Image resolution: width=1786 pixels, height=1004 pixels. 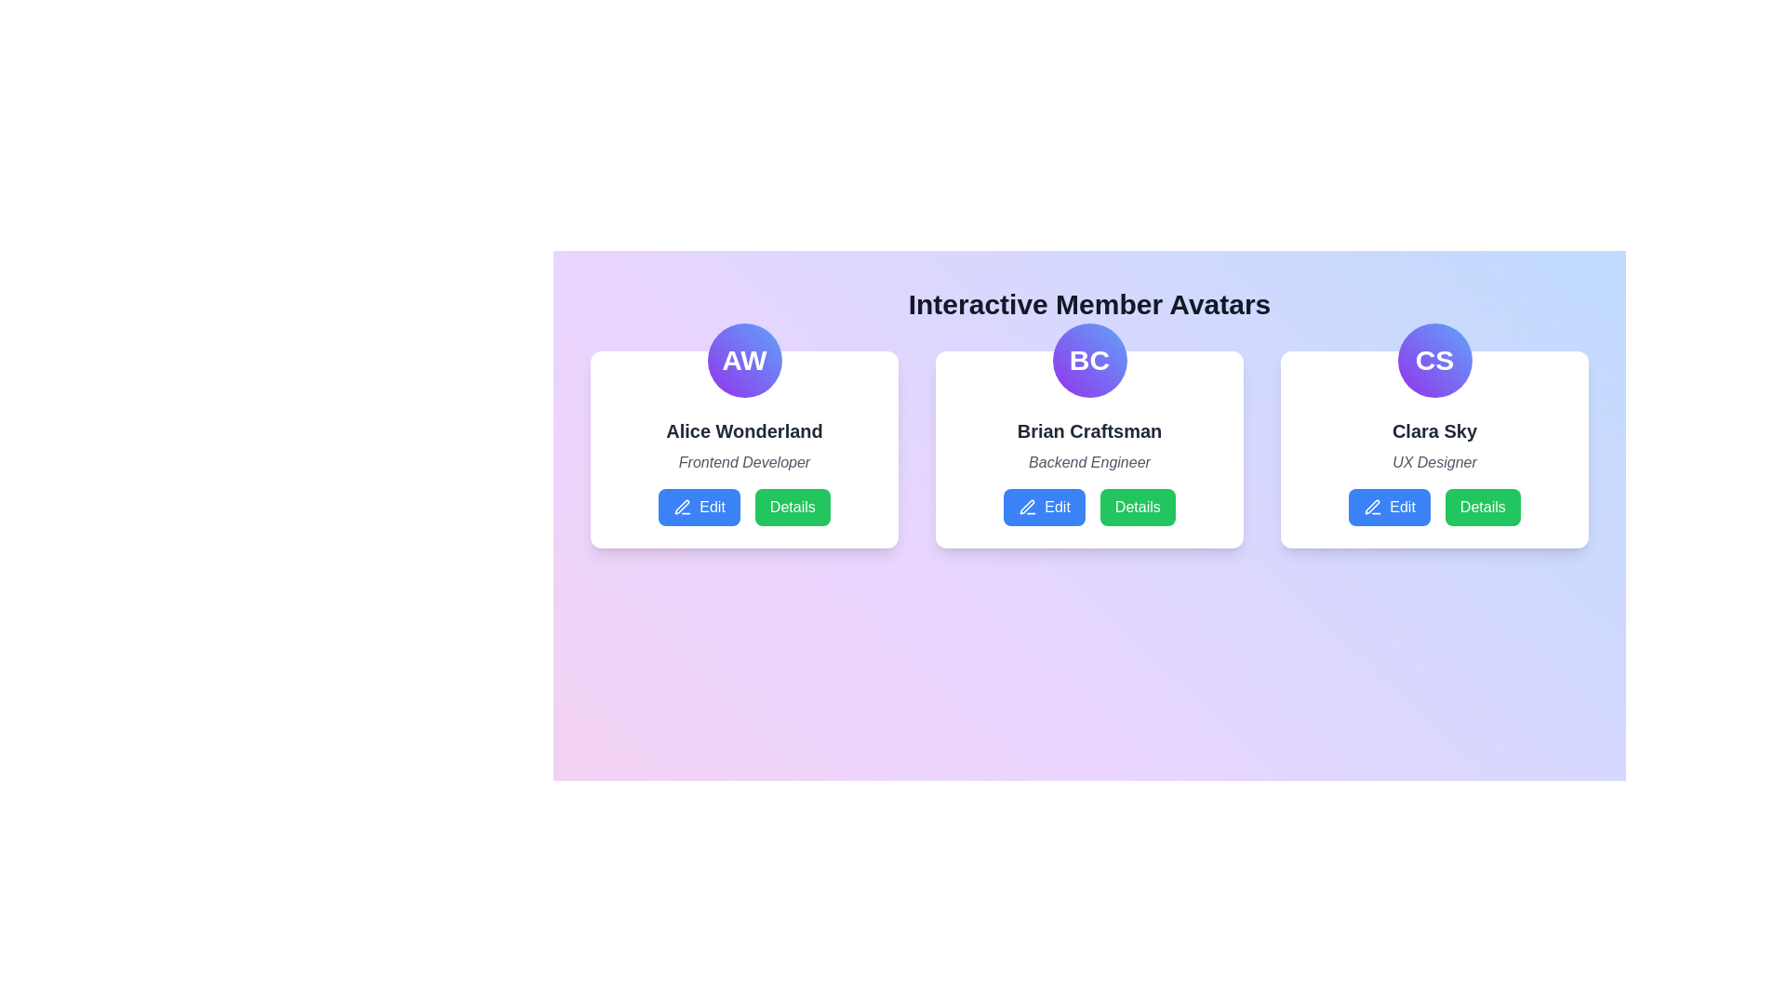 I want to click on the pen icon within the blue 'Edit' button located beneath Clara Sky's profile card, so click(x=1373, y=508).